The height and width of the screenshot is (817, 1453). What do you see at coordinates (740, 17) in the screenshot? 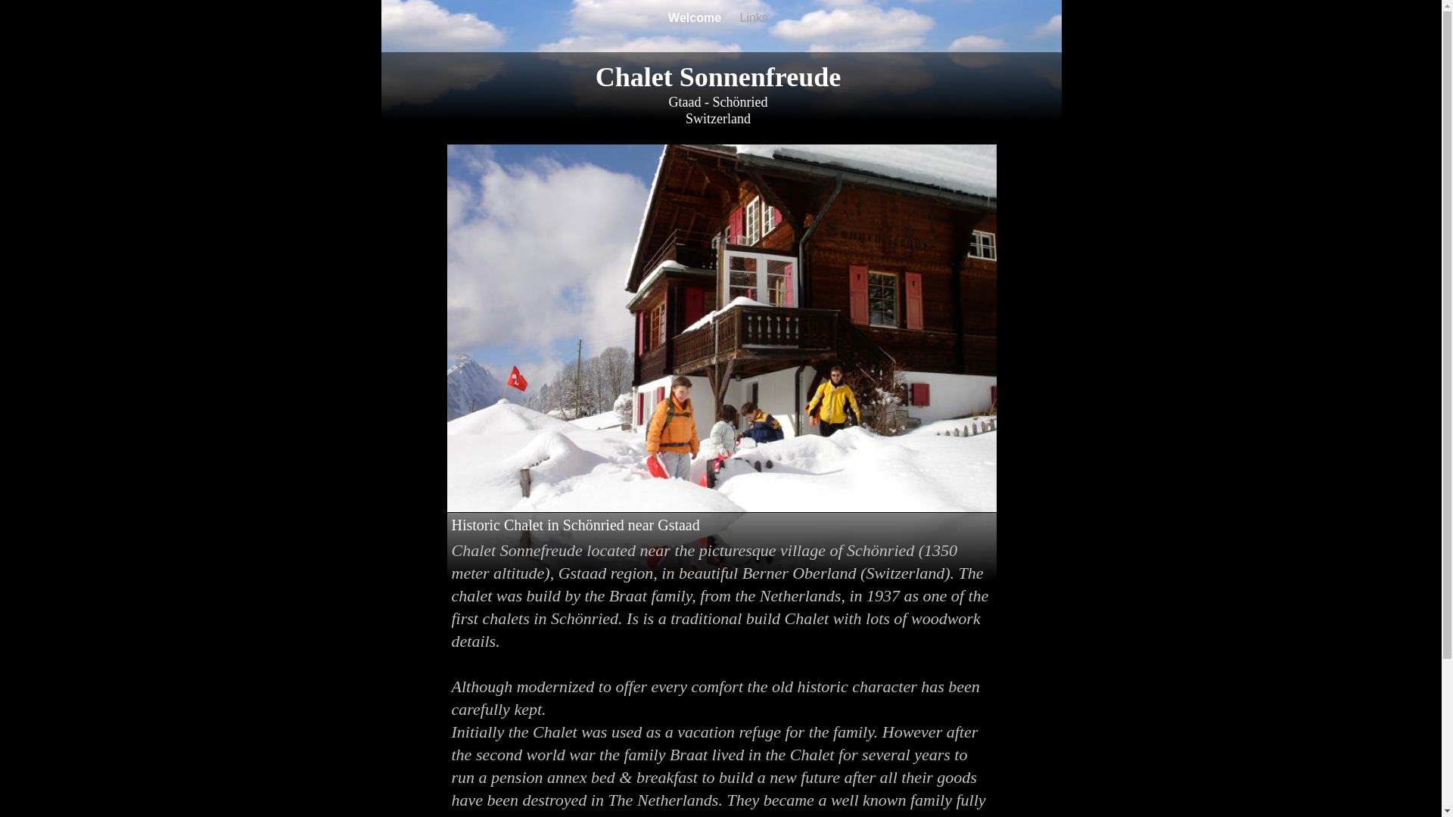
I see `'Links'` at bounding box center [740, 17].